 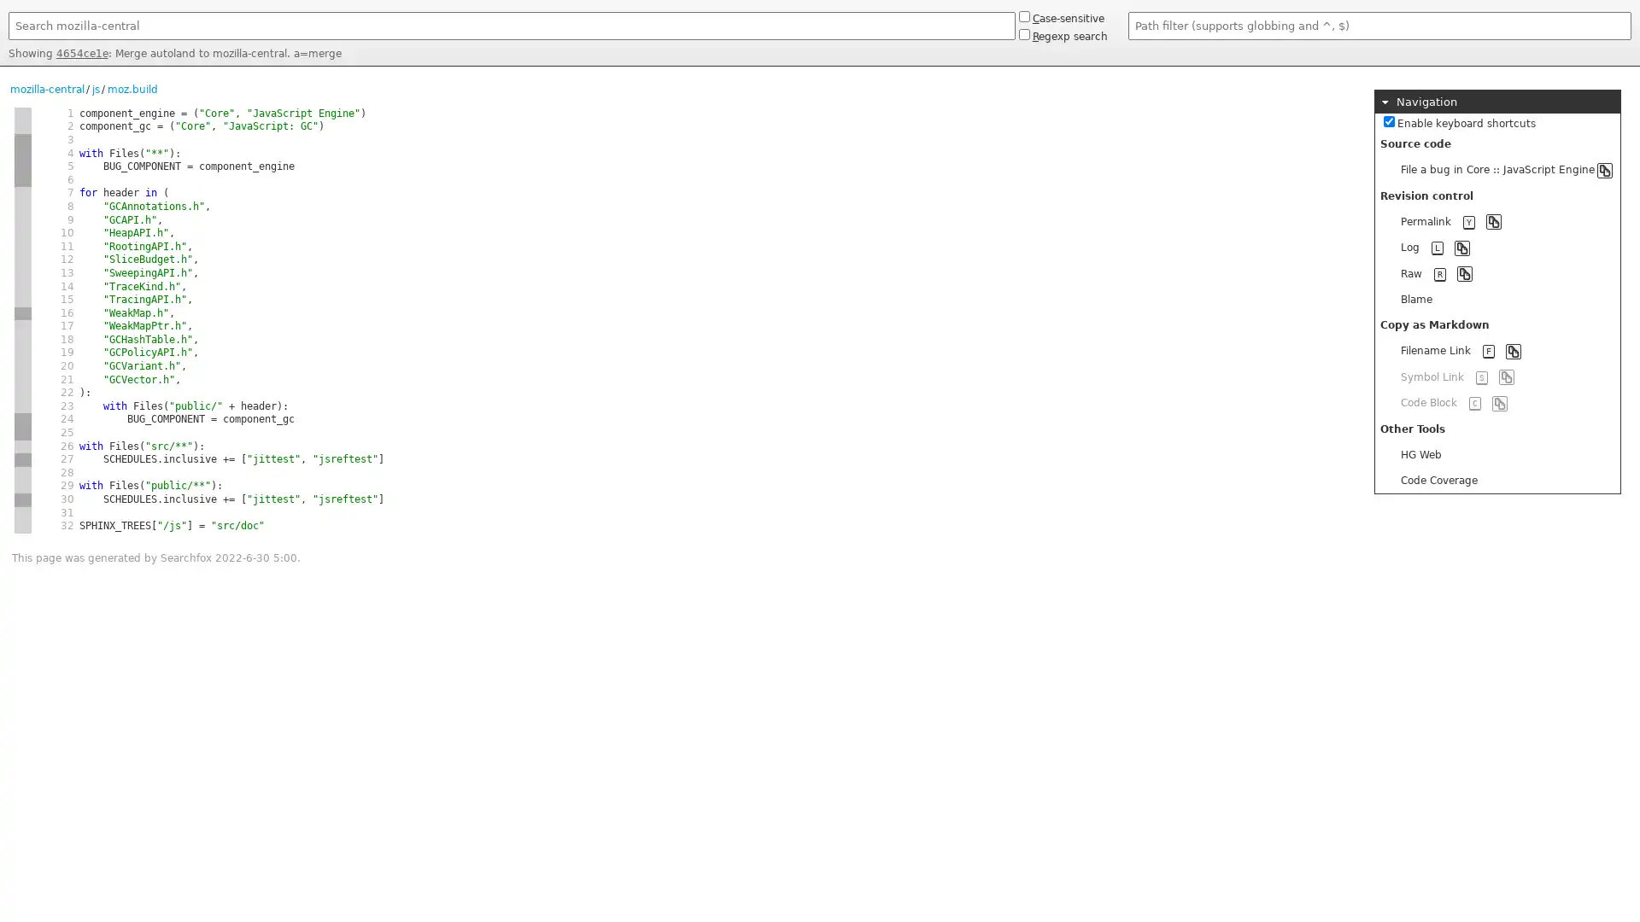 What do you see at coordinates (1461, 247) in the screenshot?
I see `Copy to clipboard` at bounding box center [1461, 247].